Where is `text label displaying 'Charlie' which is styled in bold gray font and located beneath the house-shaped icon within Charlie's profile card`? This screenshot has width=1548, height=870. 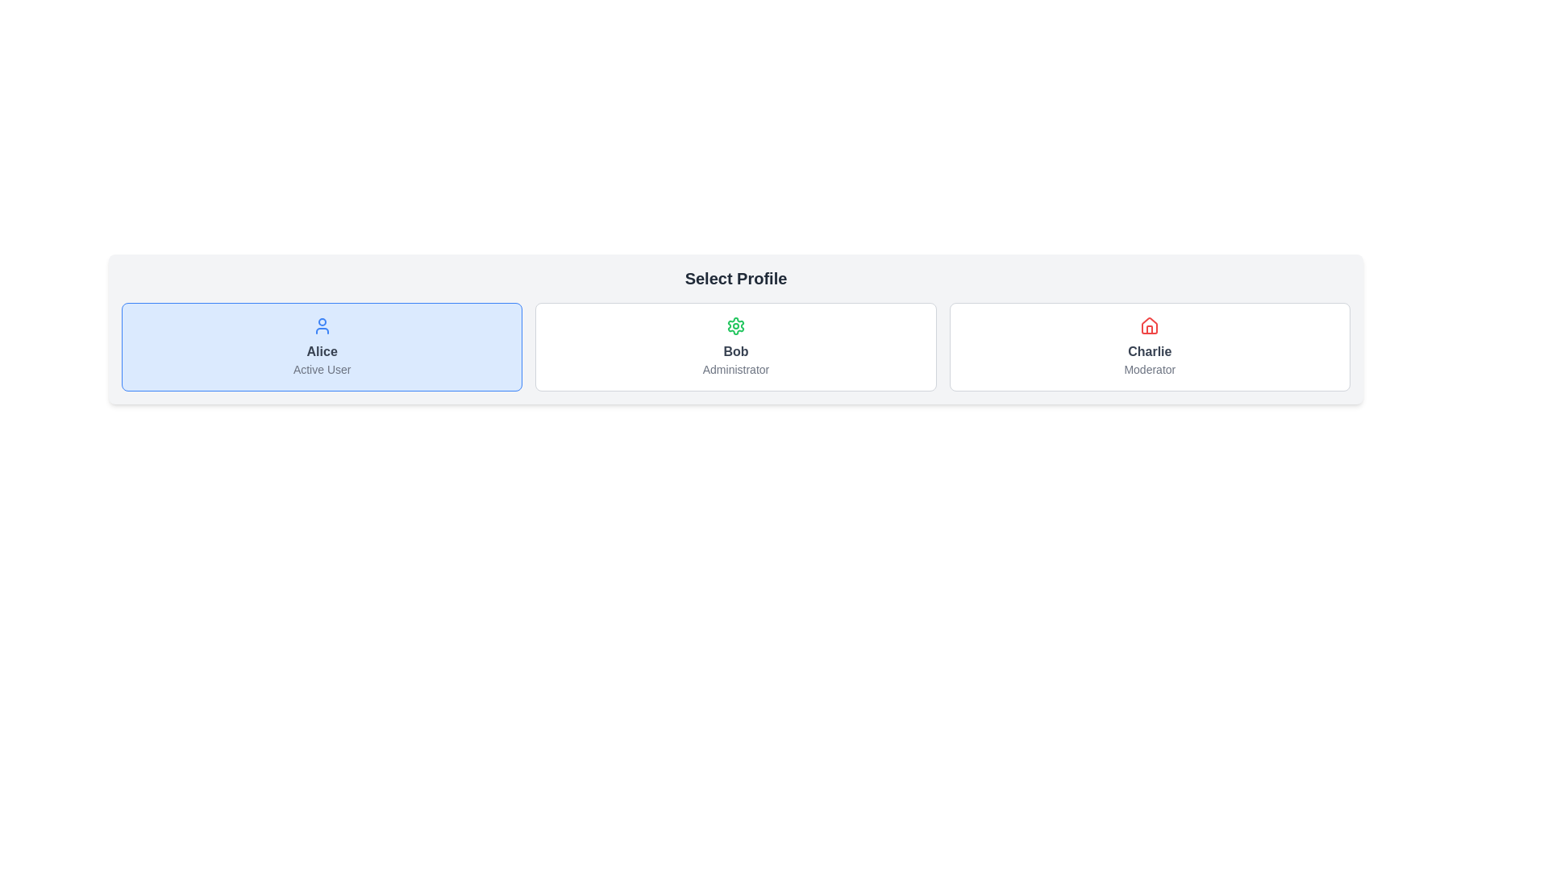 text label displaying 'Charlie' which is styled in bold gray font and located beneath the house-shaped icon within Charlie's profile card is located at coordinates (1149, 350).